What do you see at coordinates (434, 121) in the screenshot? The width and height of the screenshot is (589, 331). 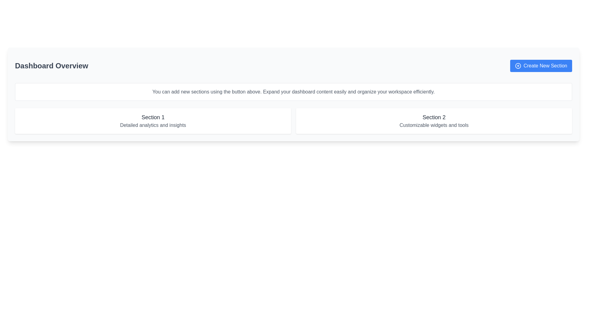 I see `the second tile in the grid layout that provides information about customizable widgets and tools` at bounding box center [434, 121].